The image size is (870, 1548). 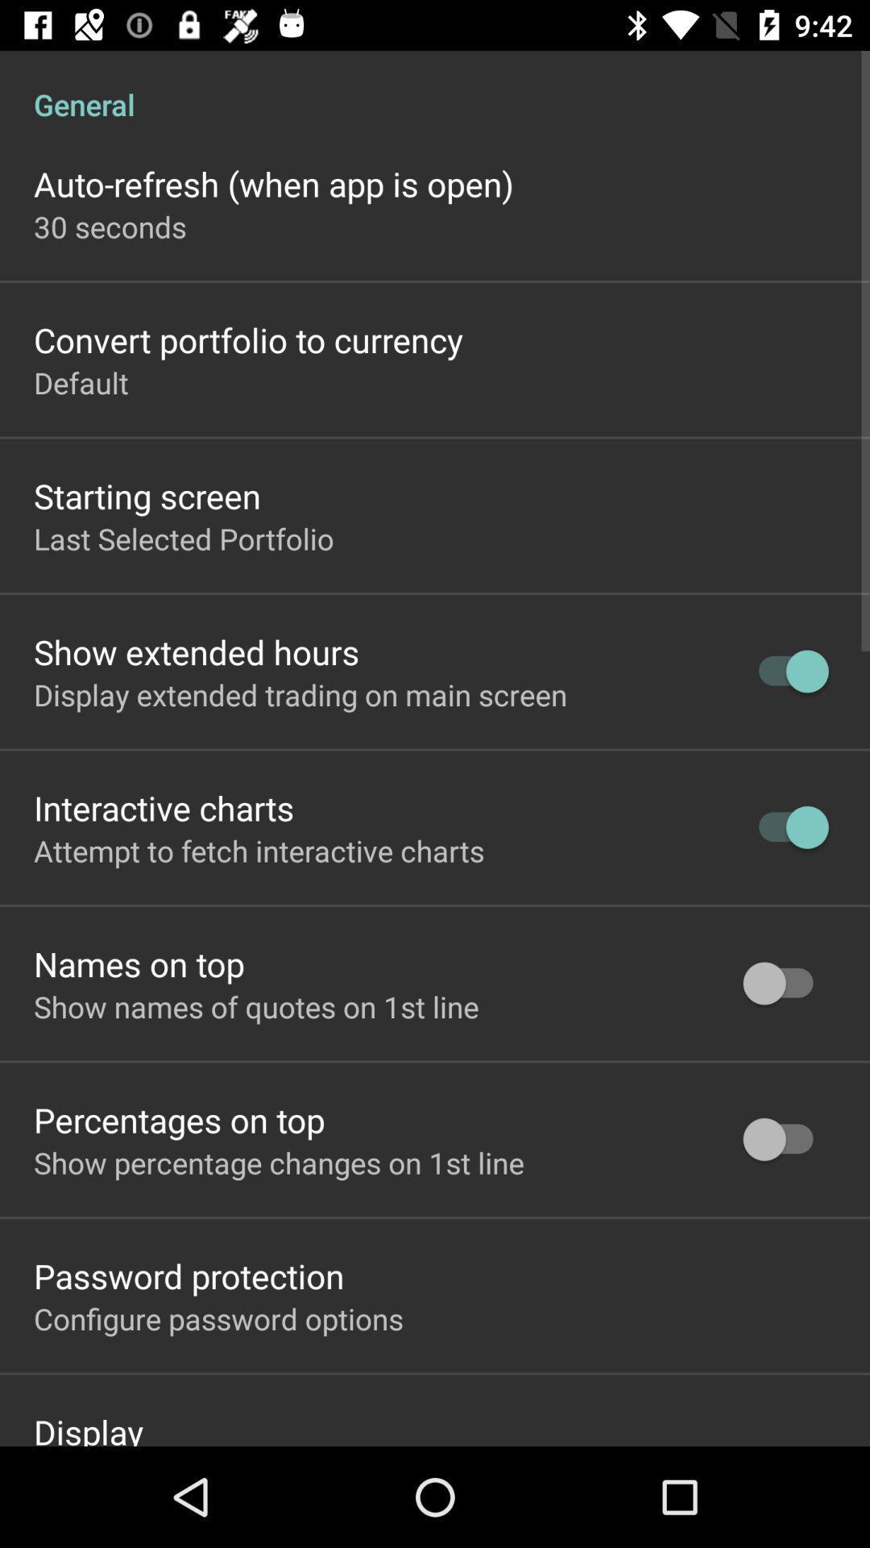 What do you see at coordinates (300, 694) in the screenshot?
I see `display extended trading` at bounding box center [300, 694].